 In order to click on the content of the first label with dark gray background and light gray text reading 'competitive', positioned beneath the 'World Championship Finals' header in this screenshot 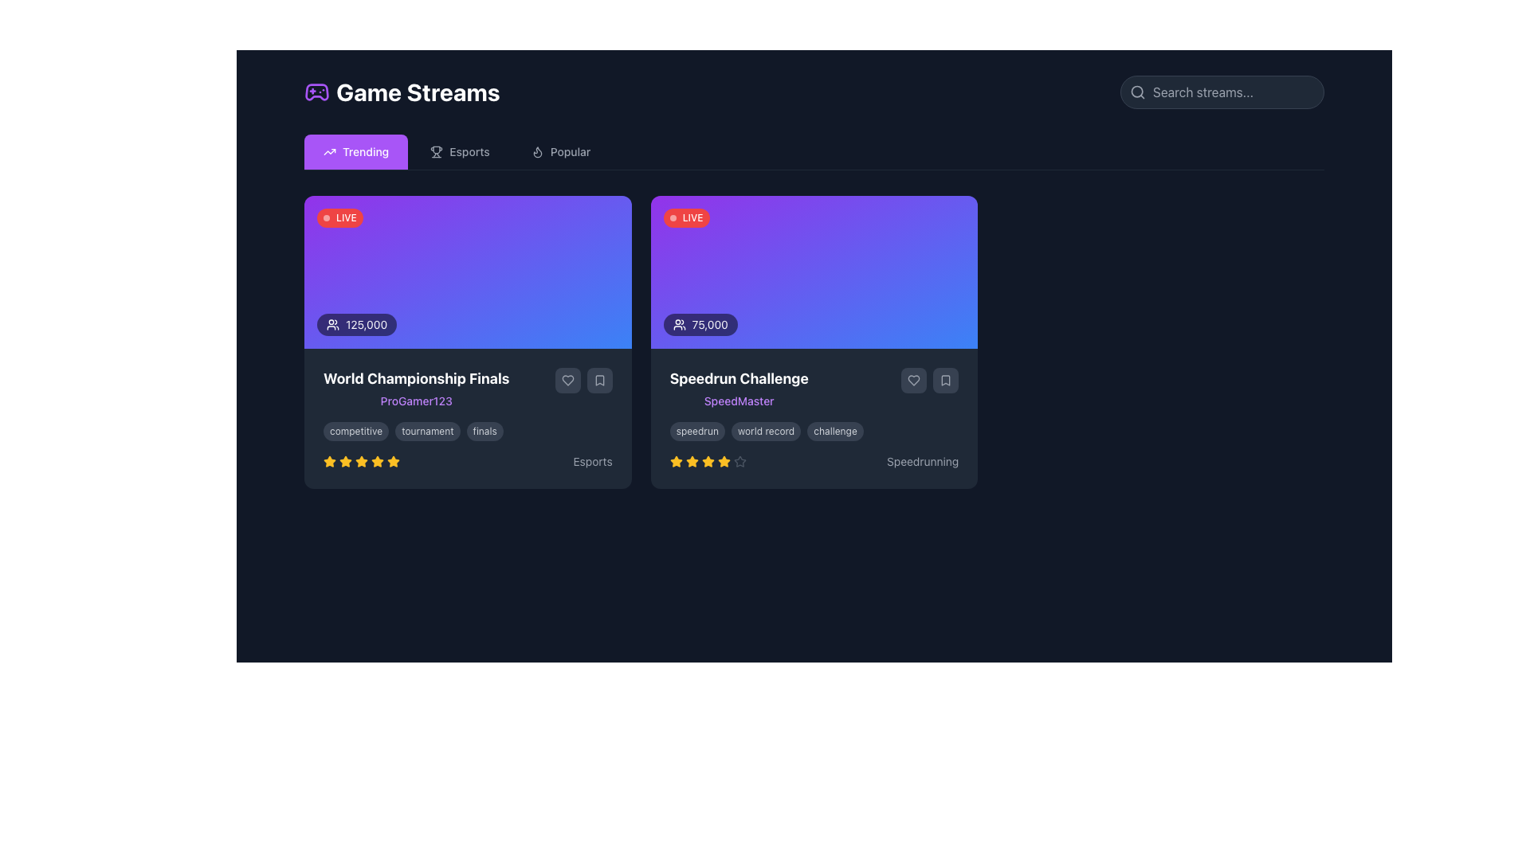, I will do `click(355, 432)`.